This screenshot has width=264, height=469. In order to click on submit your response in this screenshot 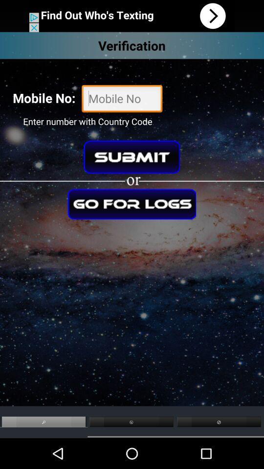, I will do `click(132, 157)`.